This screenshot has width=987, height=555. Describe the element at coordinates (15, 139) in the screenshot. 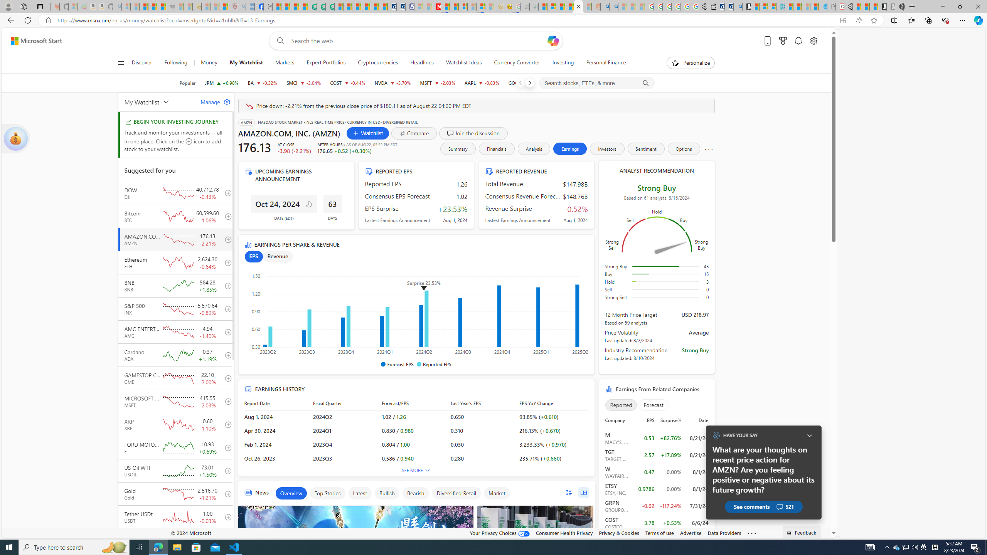

I see `'show card'` at that location.